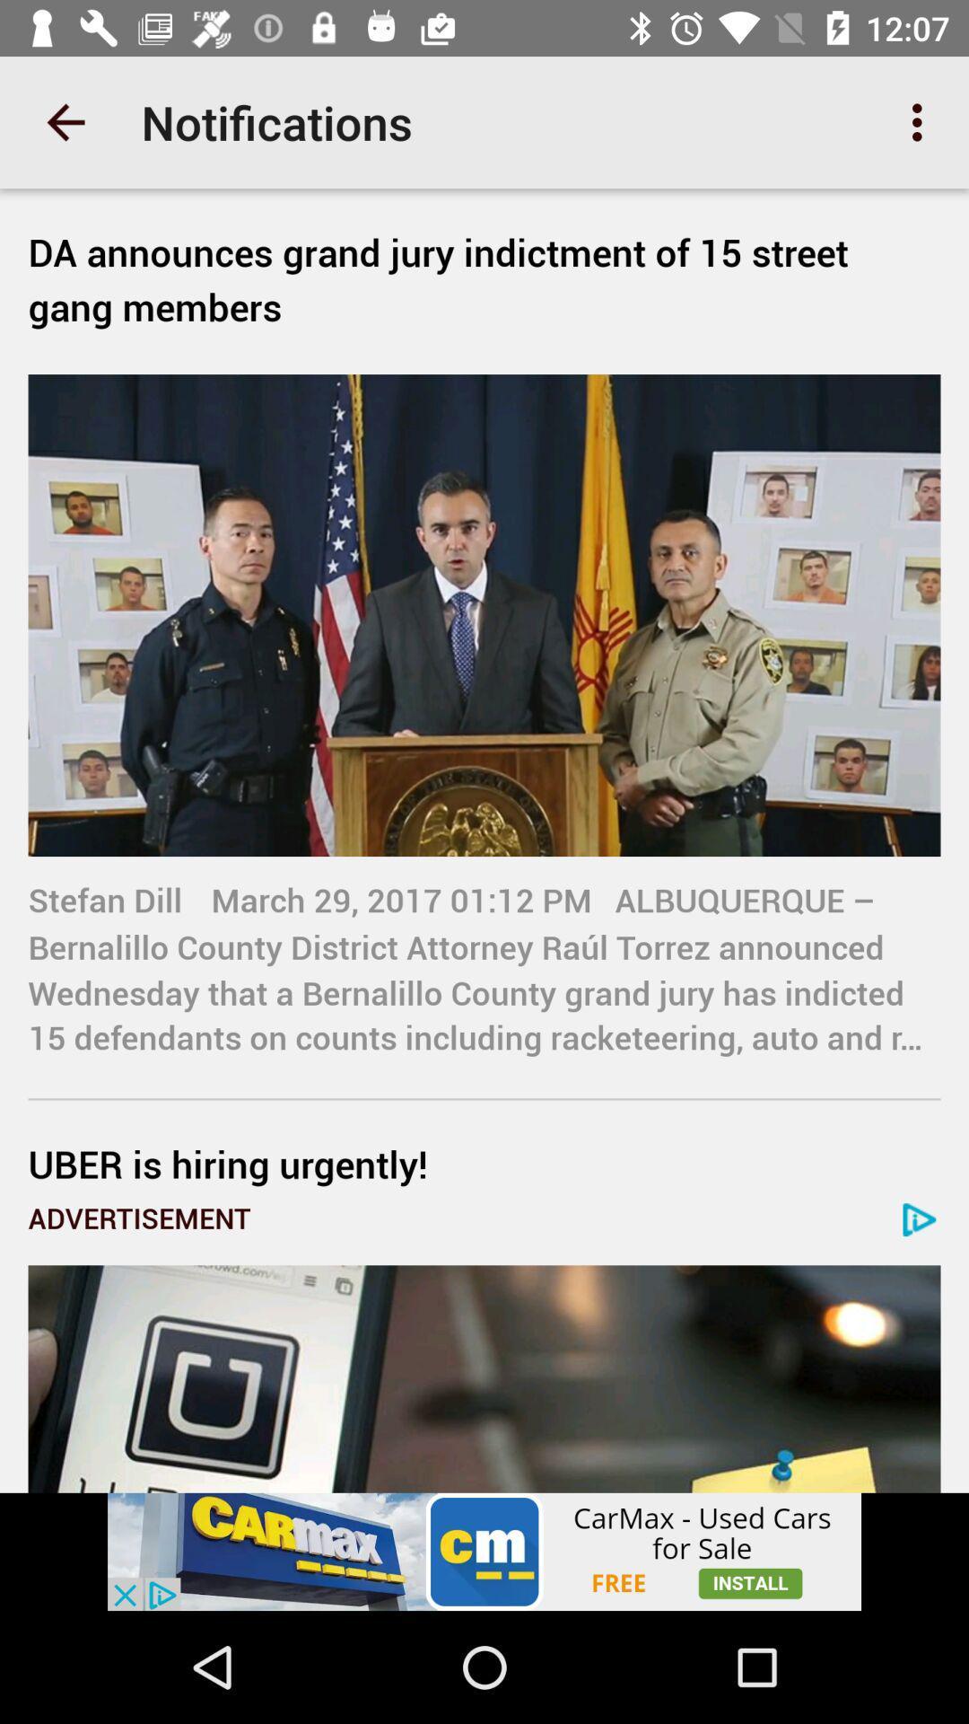  I want to click on open advertisement, so click(484, 1378).